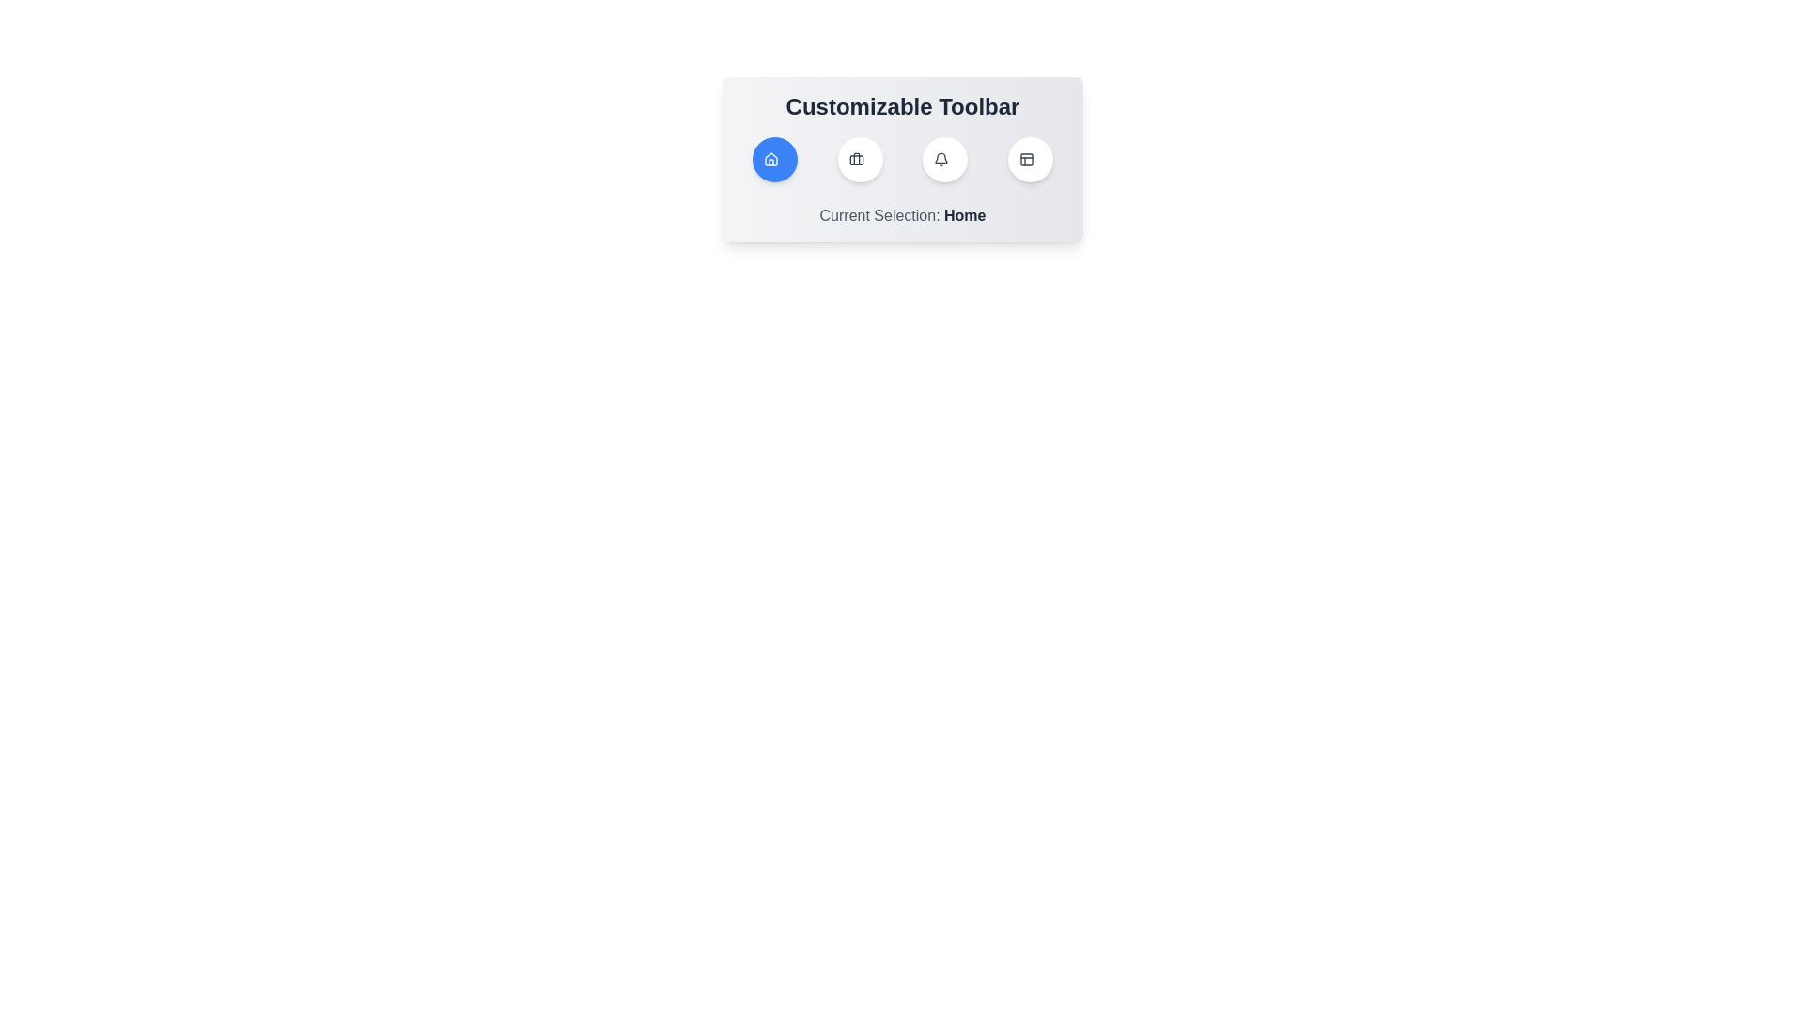 This screenshot has height=1015, width=1804. Describe the element at coordinates (1029, 158) in the screenshot. I see `the fifth icon button in the customizable toolbar` at that location.